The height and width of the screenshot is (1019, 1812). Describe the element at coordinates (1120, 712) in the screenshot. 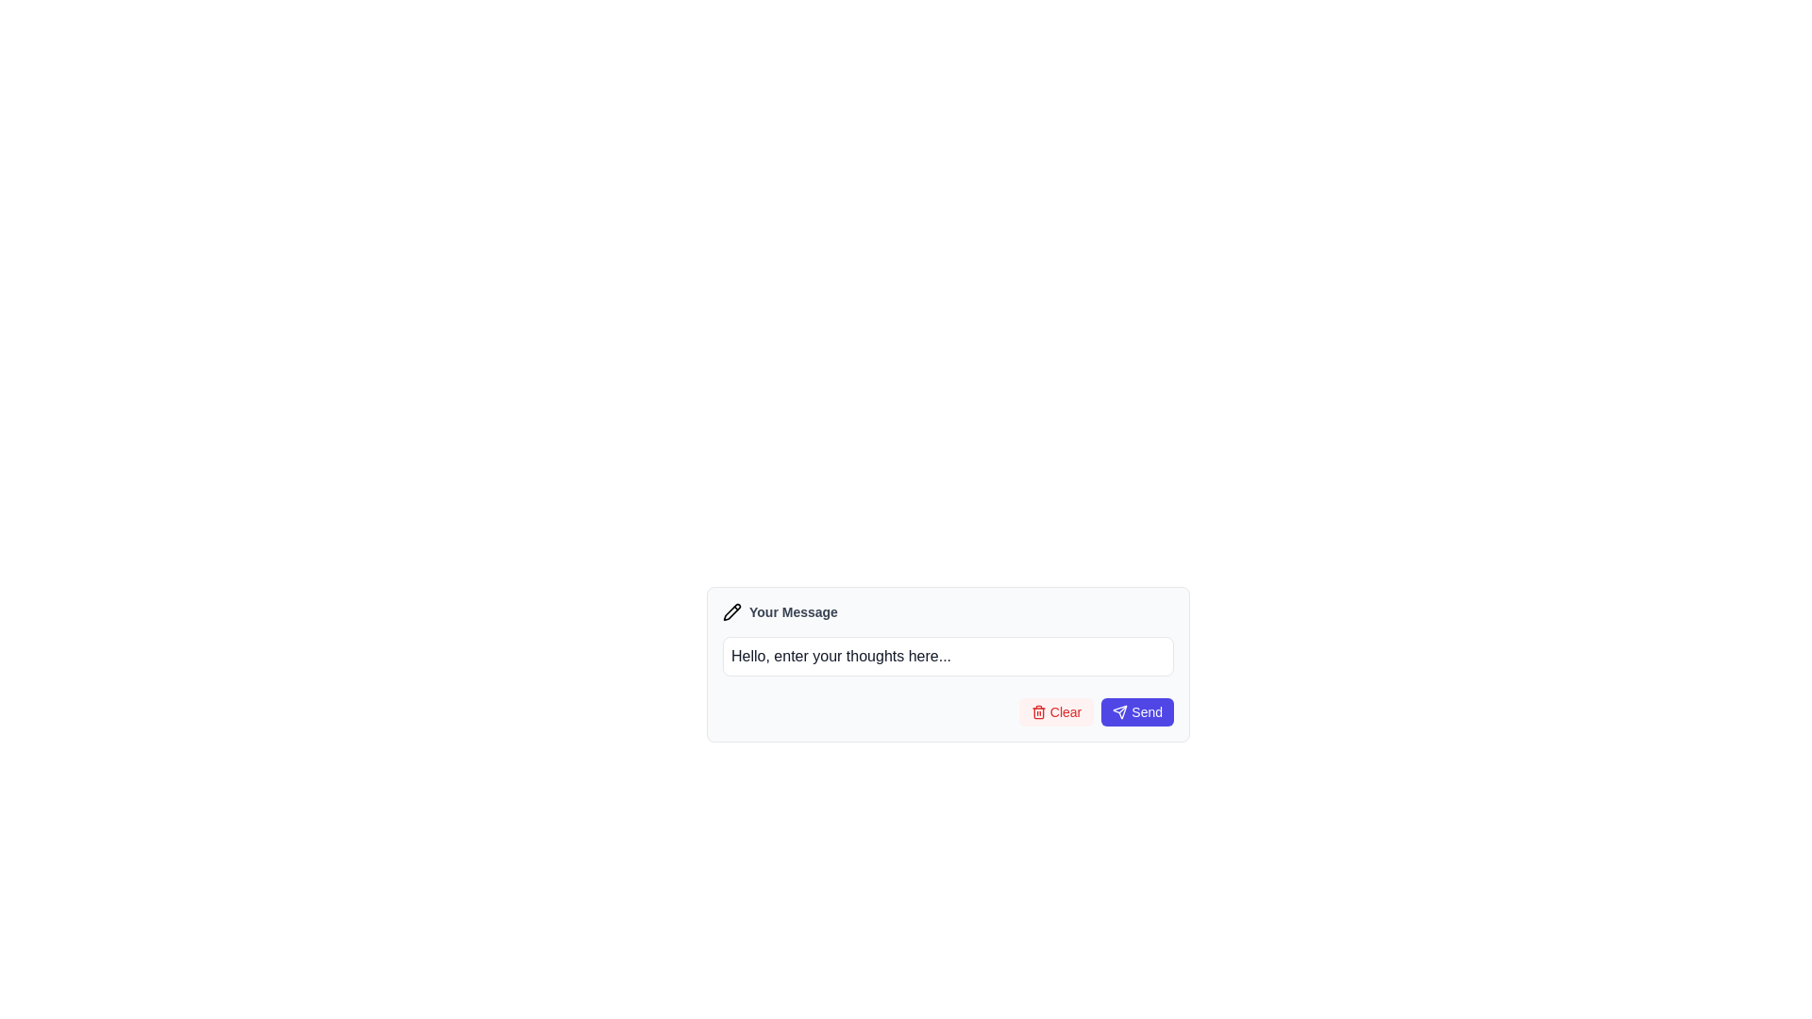

I see `the 'Send' button containing the paper airplane icon, which is styled with a purple background and rounded corners, located at the far right of the form` at that location.